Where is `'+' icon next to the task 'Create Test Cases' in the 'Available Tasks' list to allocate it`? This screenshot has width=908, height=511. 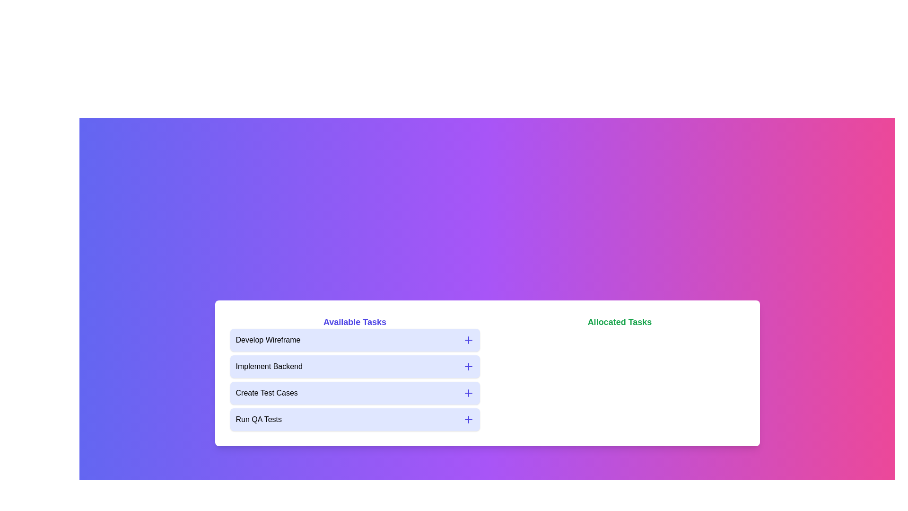
'+' icon next to the task 'Create Test Cases' in the 'Available Tasks' list to allocate it is located at coordinates (468, 393).